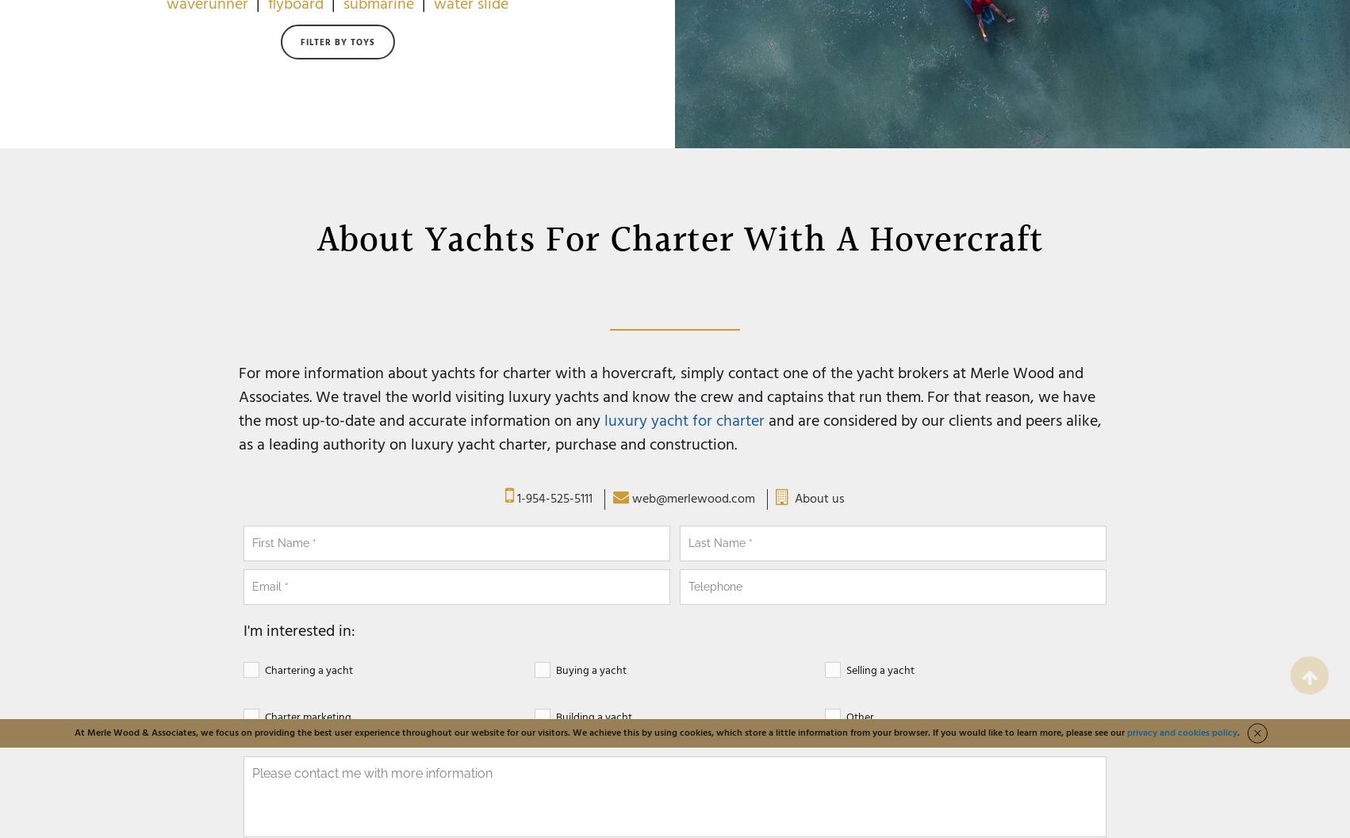 The width and height of the screenshot is (1350, 838). What do you see at coordinates (74, 733) in the screenshot?
I see `'At Merle Wood & Associates, we focus on providing the best user experience throughout our website for our visitors. We achieve this by using cookies, which store a little information from your browser. If you would like to learn more, please see our'` at bounding box center [74, 733].